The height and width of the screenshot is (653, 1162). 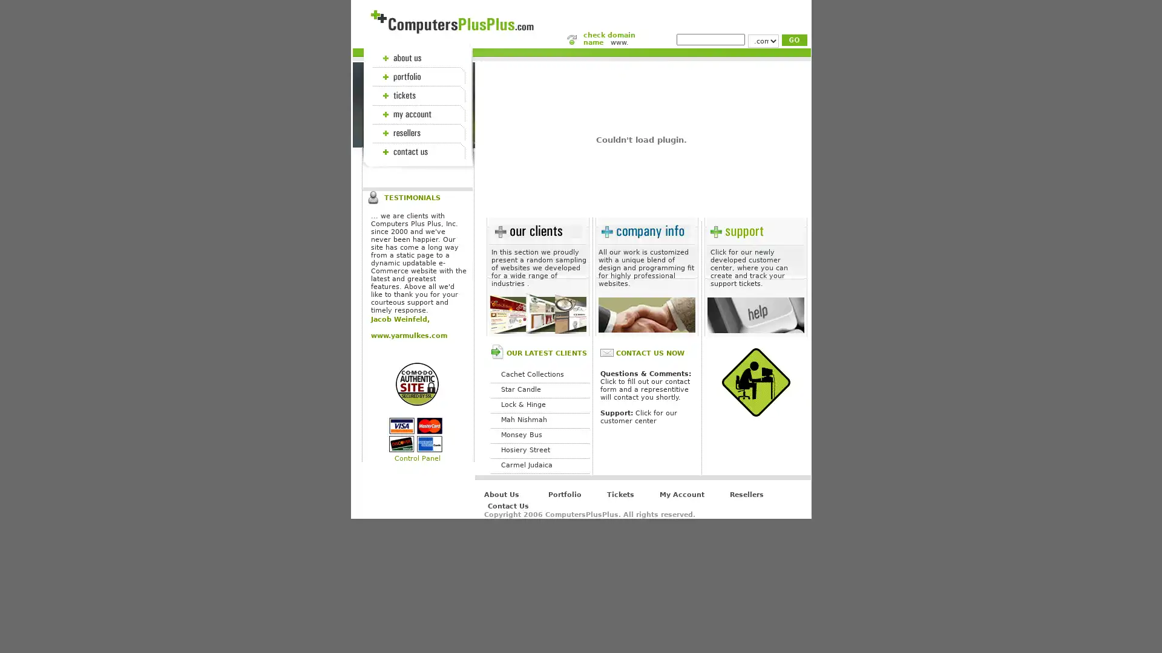 I want to click on Submit, so click(x=794, y=39).